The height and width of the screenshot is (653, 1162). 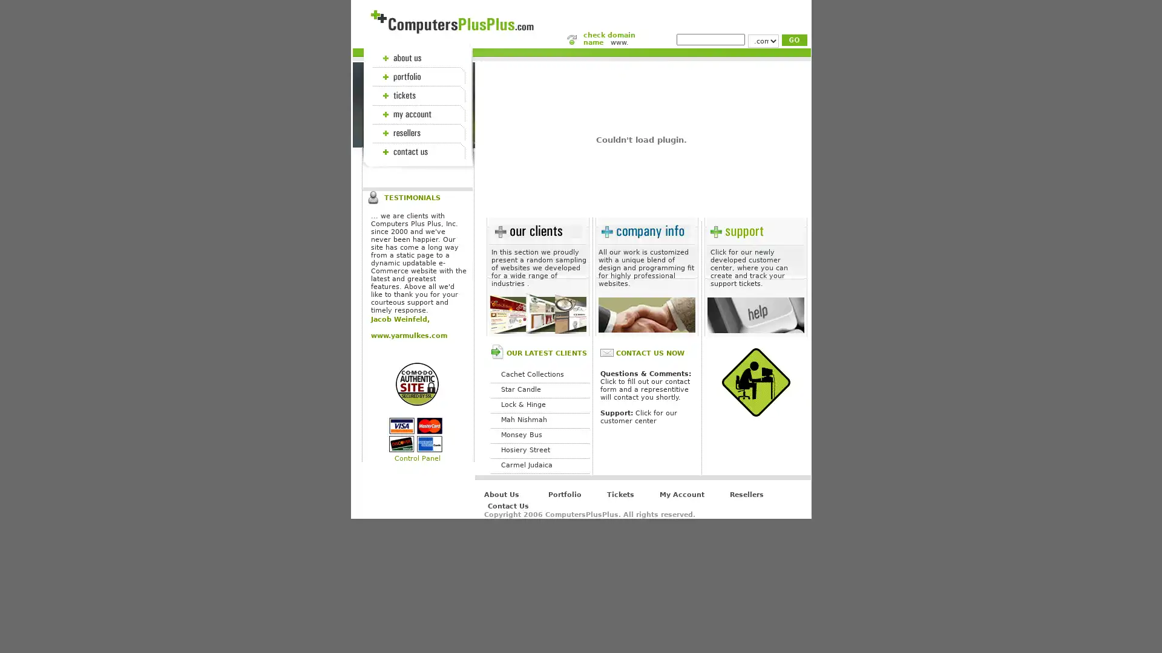 I want to click on Submit, so click(x=794, y=39).